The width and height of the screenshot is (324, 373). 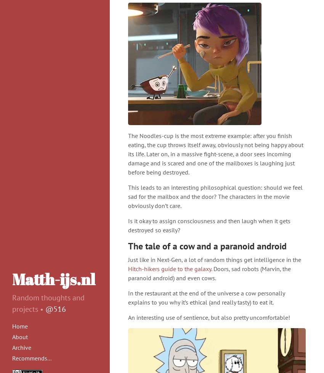 What do you see at coordinates (209, 317) in the screenshot?
I see `'An interesting use of sentience, but also pretty uncomfortable!'` at bounding box center [209, 317].